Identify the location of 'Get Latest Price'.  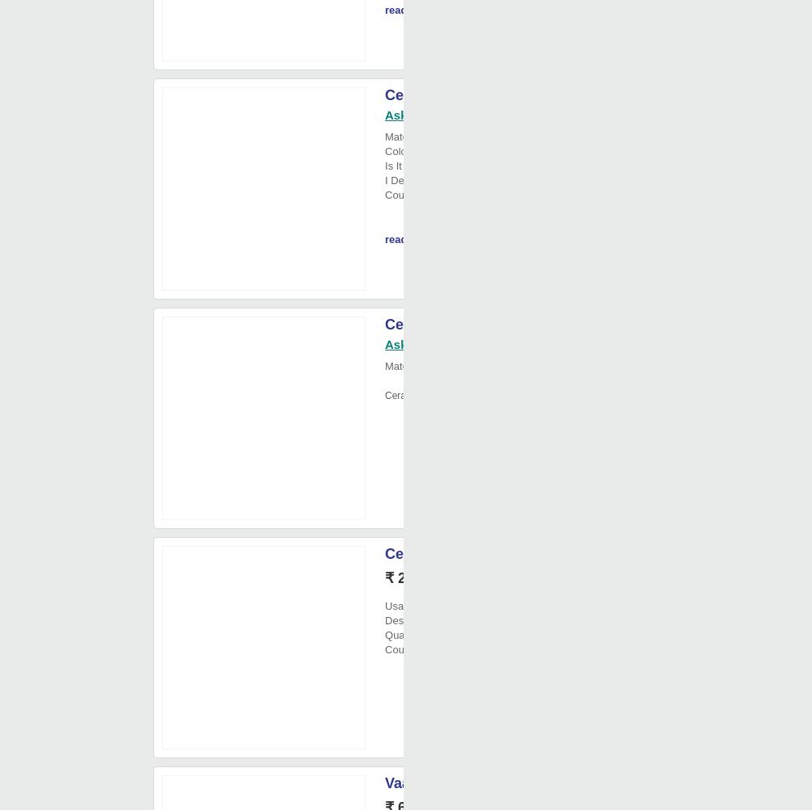
(515, 578).